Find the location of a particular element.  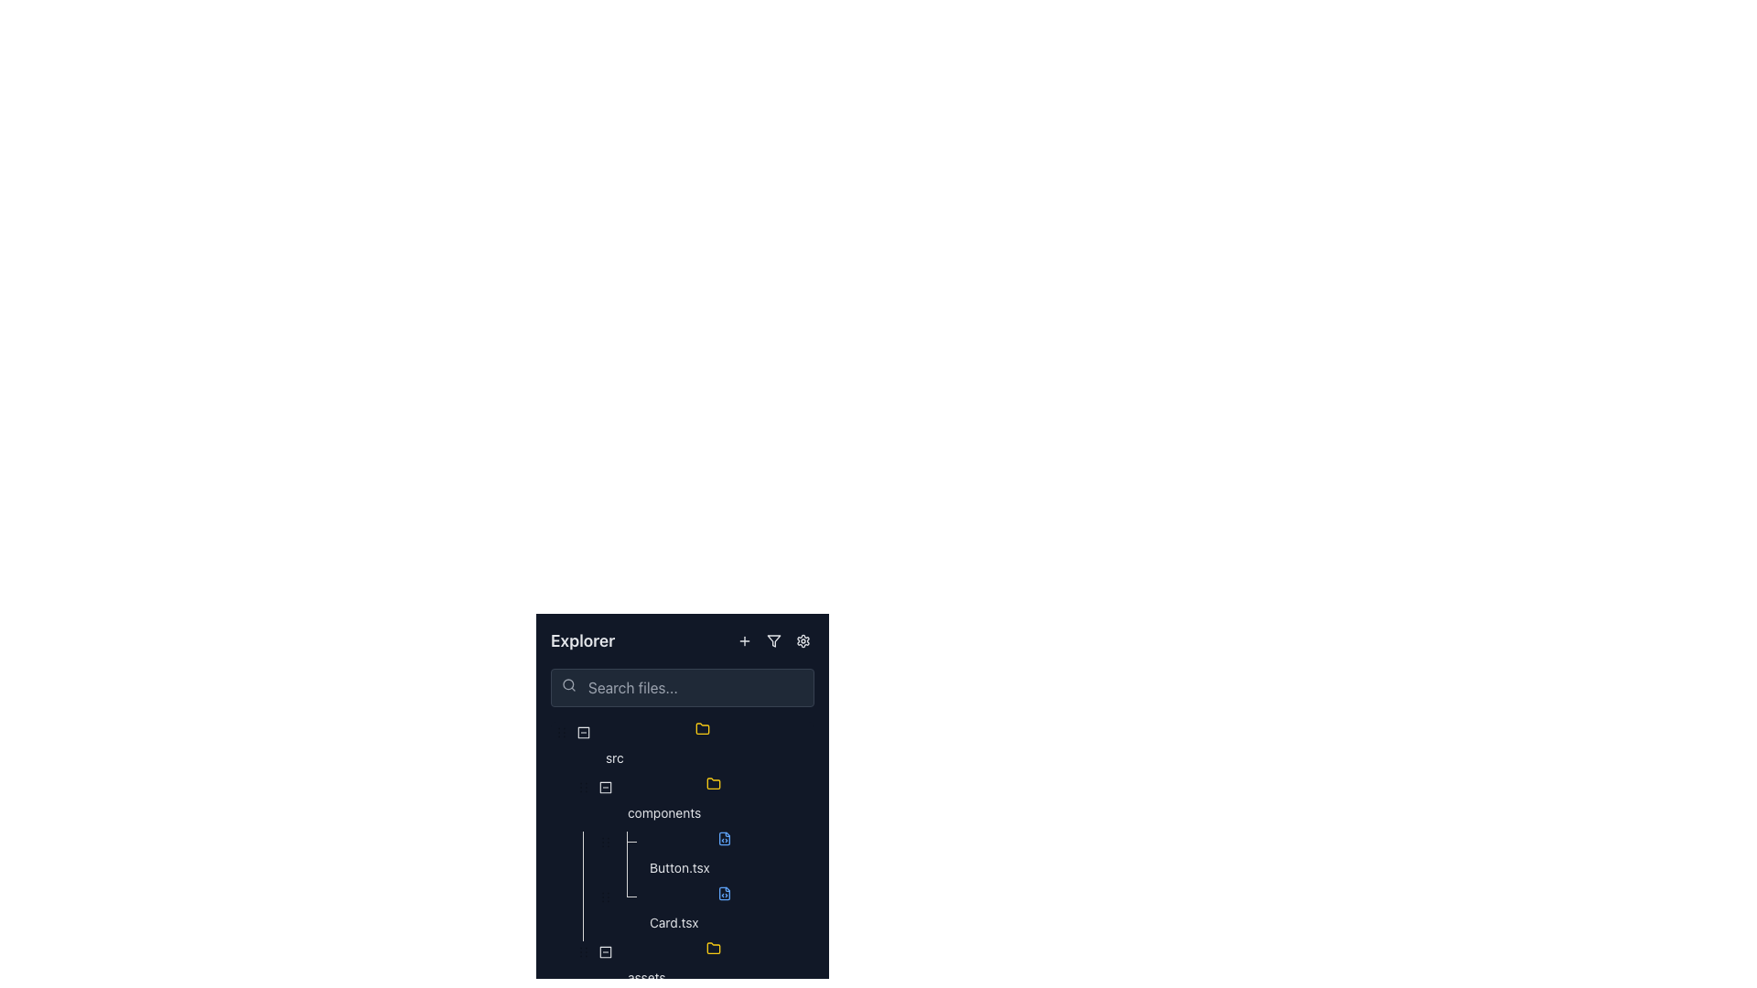

the toggle button for hierarchical structures located to the left of the label 'src' is located at coordinates (583, 747).